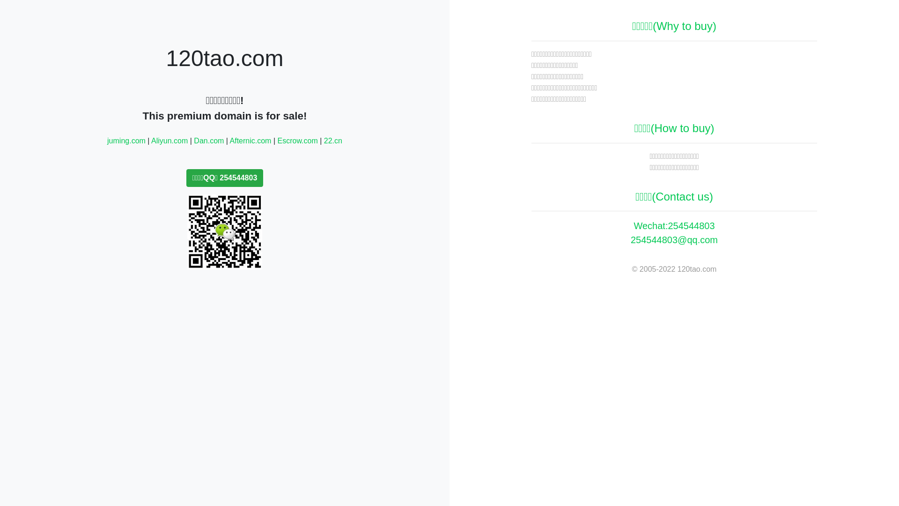 The height and width of the screenshot is (506, 899). What do you see at coordinates (333, 141) in the screenshot?
I see `'22.cn'` at bounding box center [333, 141].